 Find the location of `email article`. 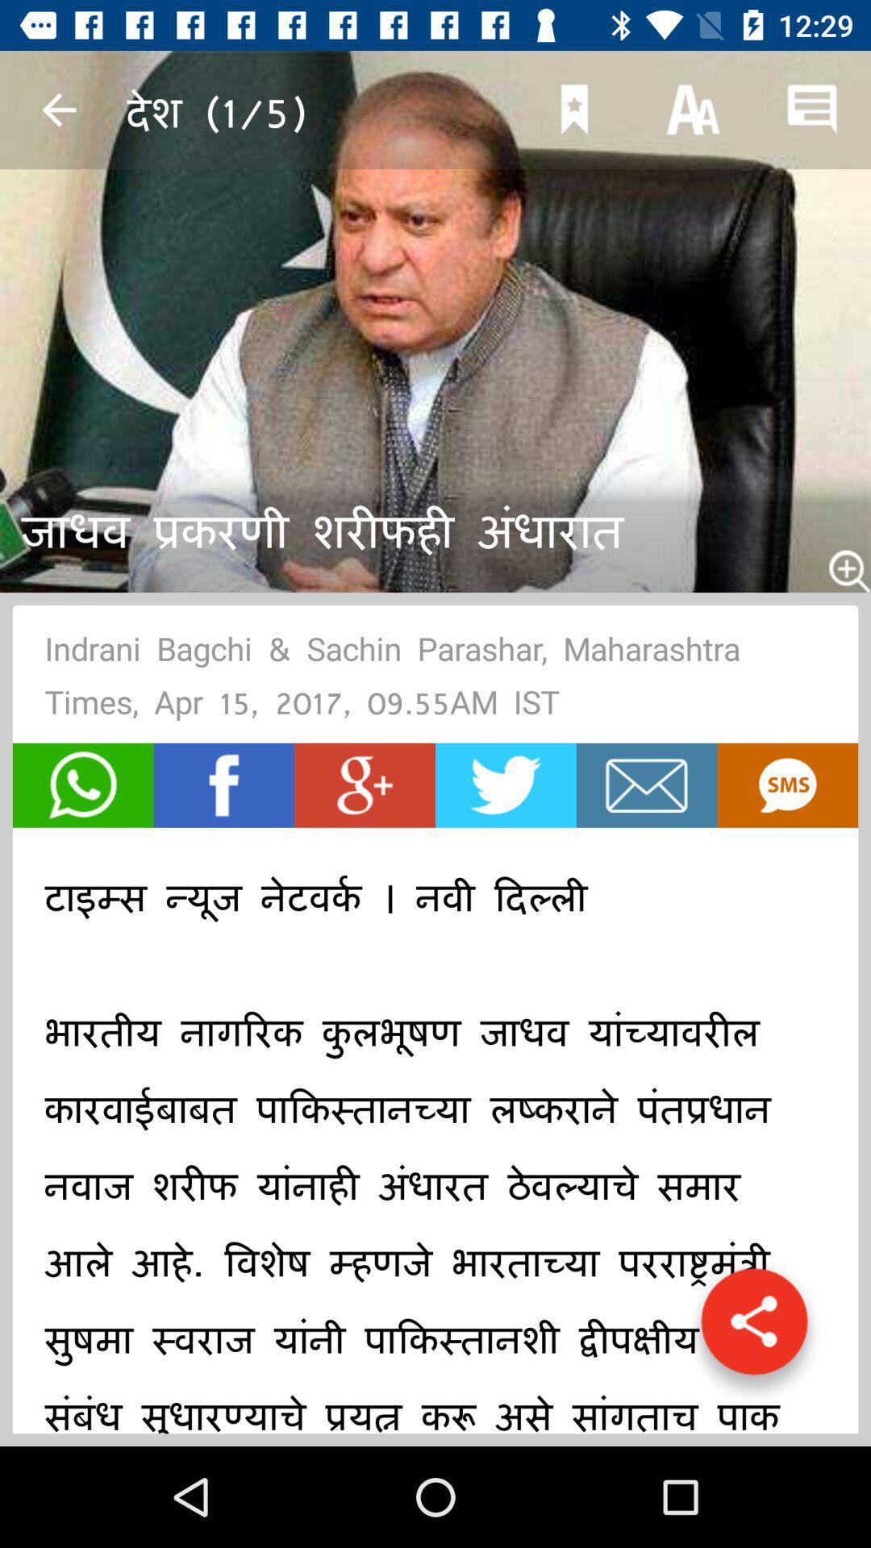

email article is located at coordinates (646, 785).